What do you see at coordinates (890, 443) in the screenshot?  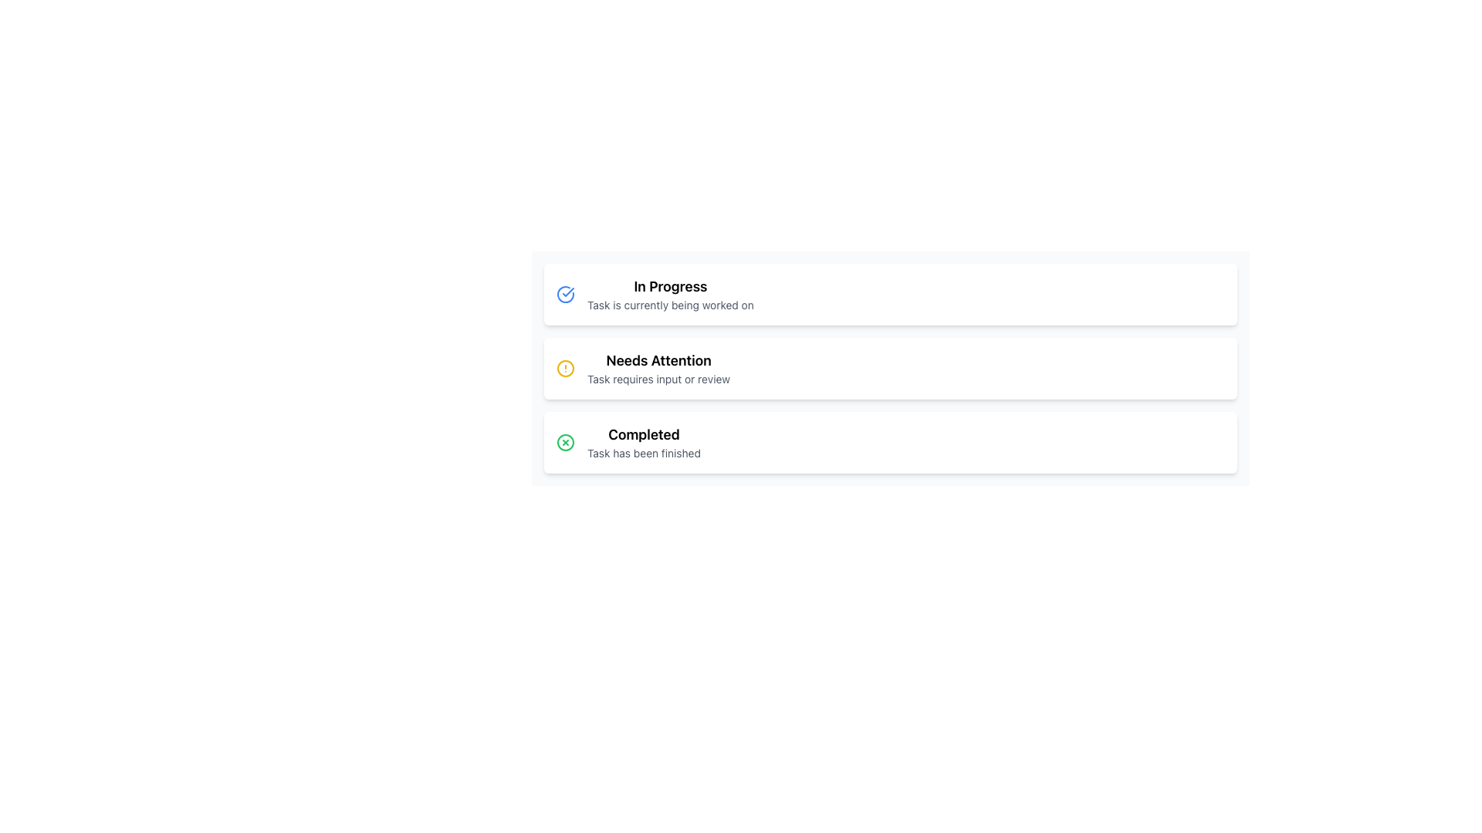 I see `the Informational Card, which is the third card in a vertical stack` at bounding box center [890, 443].